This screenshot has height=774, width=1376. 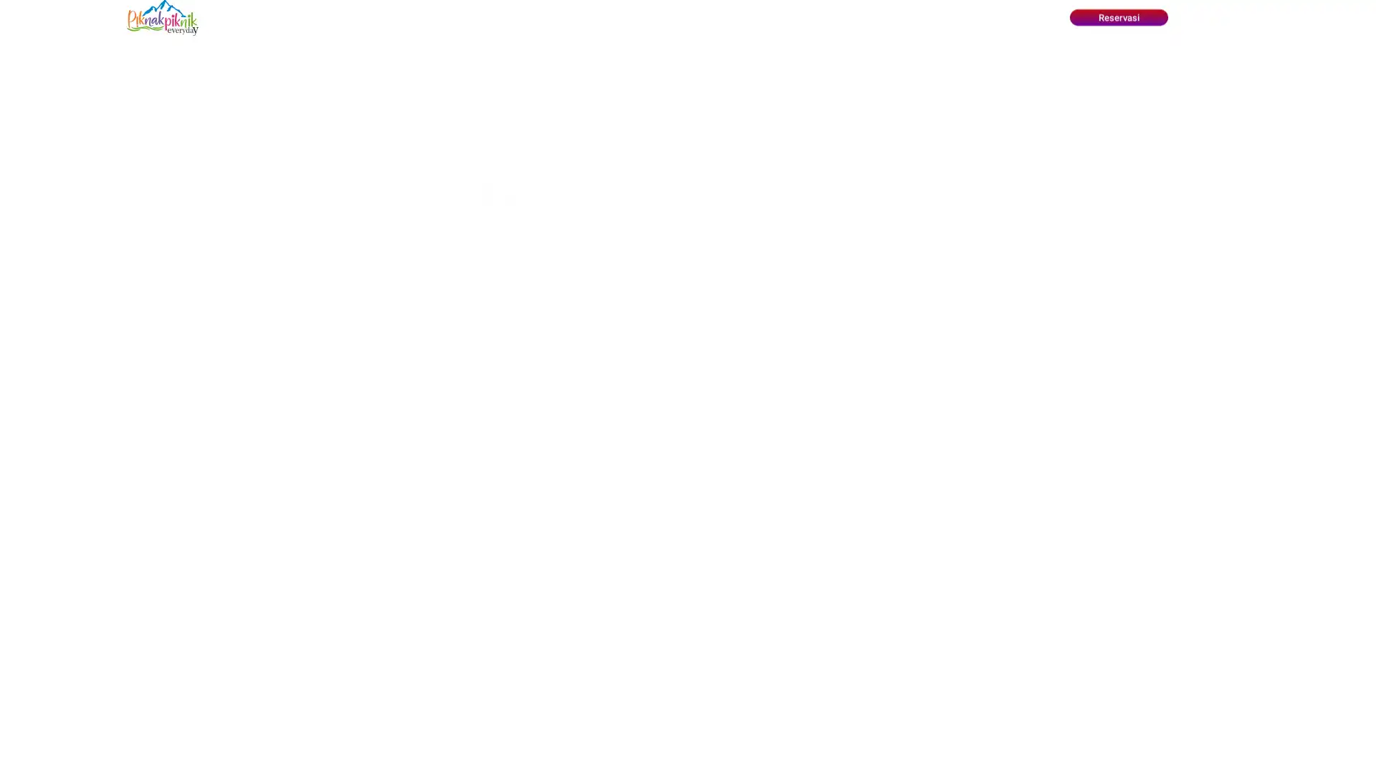 I want to click on Reservasi, so click(x=1117, y=17).